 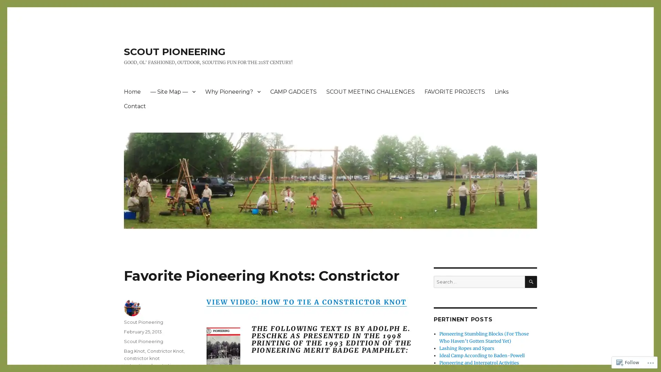 What do you see at coordinates (531, 282) in the screenshot?
I see `SEARCH` at bounding box center [531, 282].